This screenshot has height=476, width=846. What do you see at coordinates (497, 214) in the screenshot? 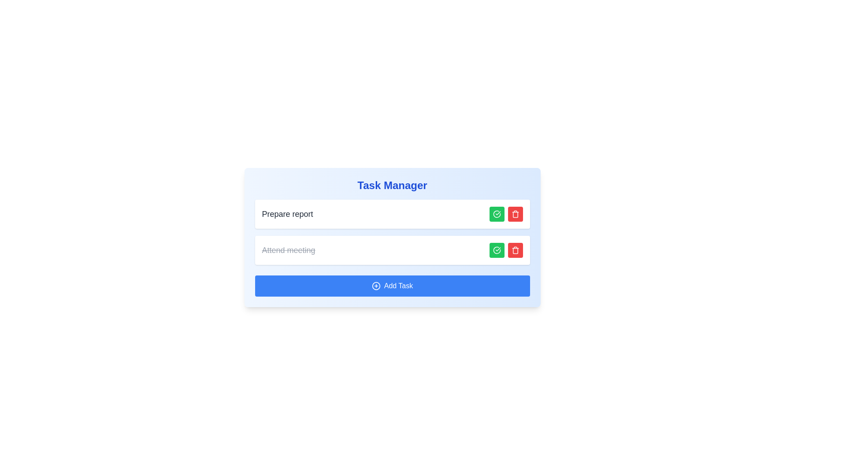
I see `the 'Complete' button associated with the 'Prepare report' task in the task manager interface to observe the hover effects` at bounding box center [497, 214].